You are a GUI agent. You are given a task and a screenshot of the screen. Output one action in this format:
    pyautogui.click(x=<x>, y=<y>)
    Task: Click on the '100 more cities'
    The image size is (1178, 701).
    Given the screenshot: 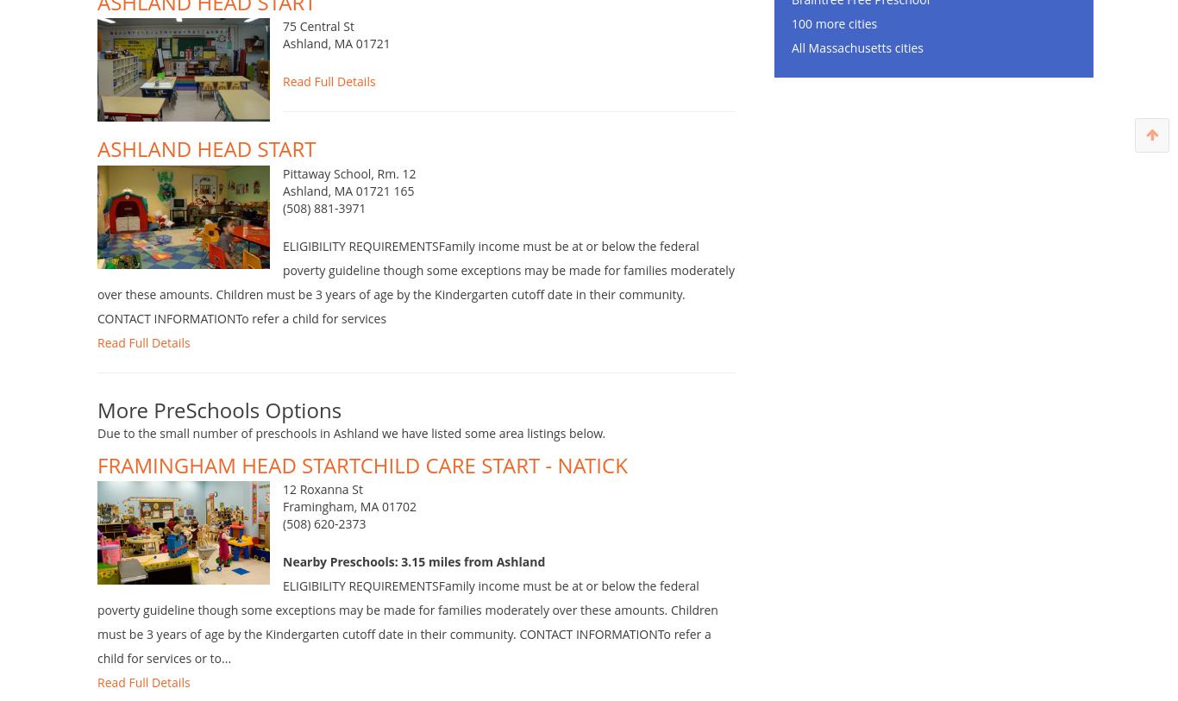 What is the action you would take?
    pyautogui.click(x=834, y=49)
    